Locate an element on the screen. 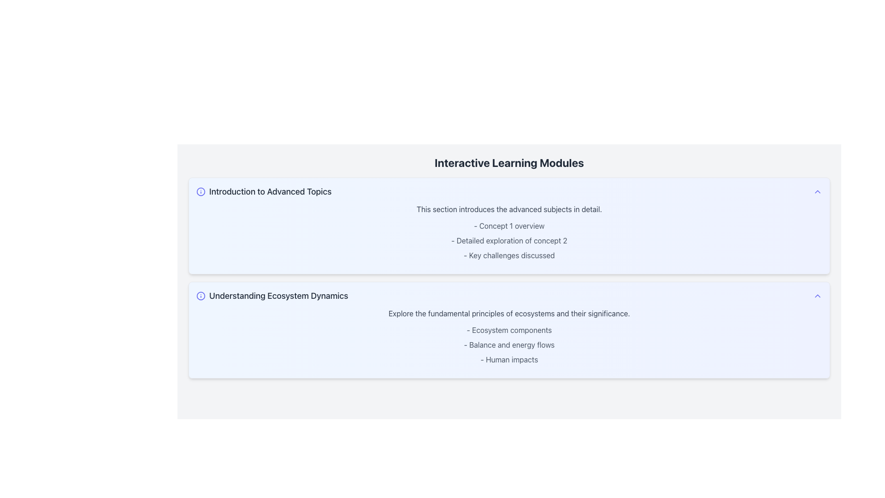 The image size is (885, 498). the informational icon located at the top-left of the 'Introduction to Advanced Topics' card is located at coordinates (201, 191).